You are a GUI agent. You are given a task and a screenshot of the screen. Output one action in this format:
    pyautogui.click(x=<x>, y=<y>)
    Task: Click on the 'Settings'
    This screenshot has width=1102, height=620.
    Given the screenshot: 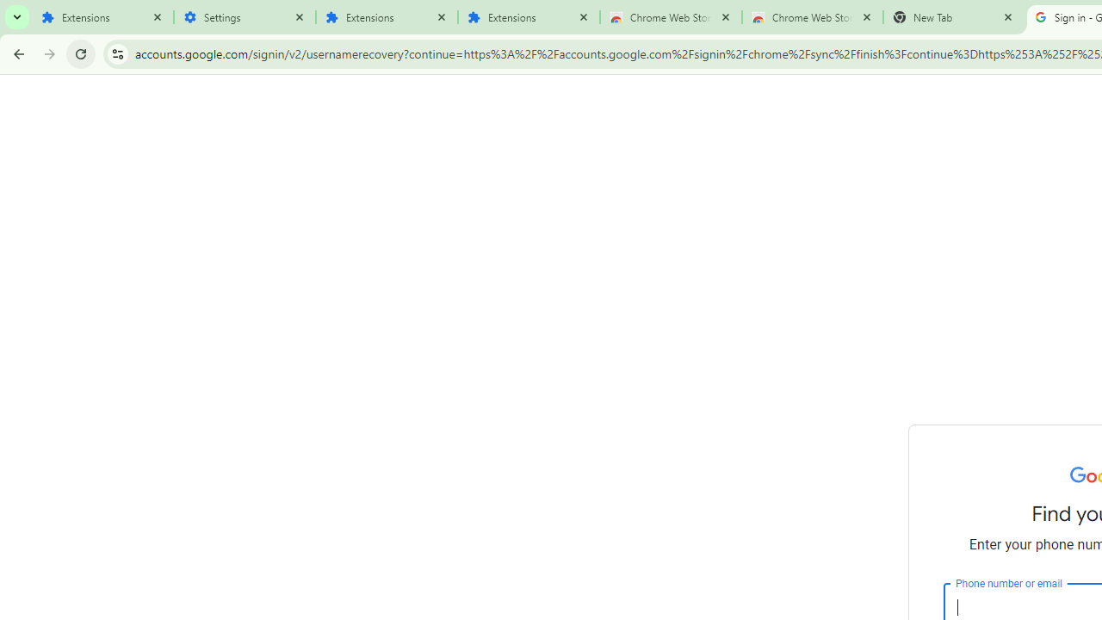 What is the action you would take?
    pyautogui.click(x=244, y=17)
    